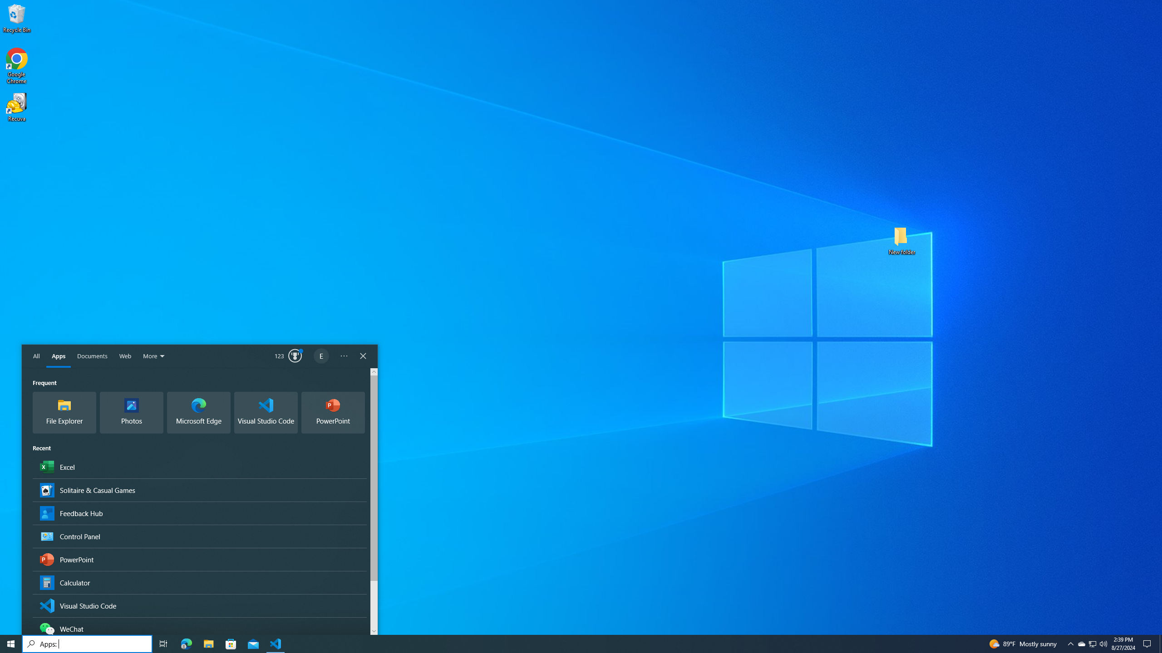 This screenshot has height=653, width=1162. I want to click on 'Solitaire & Casual Games, App', so click(200, 490).